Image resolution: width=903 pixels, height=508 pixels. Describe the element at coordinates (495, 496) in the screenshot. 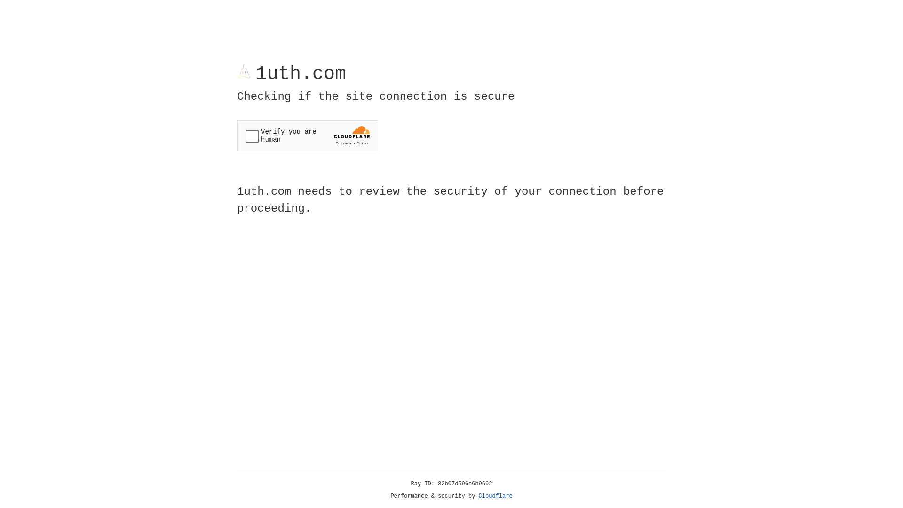

I see `'Cloudflare'` at that location.